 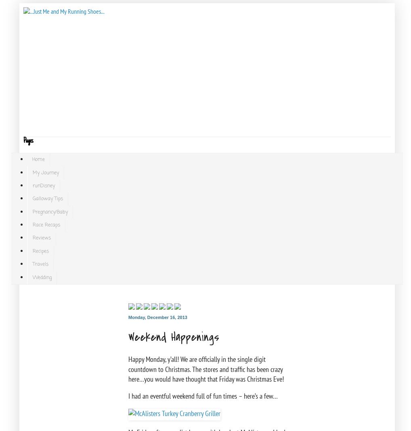 What do you see at coordinates (40, 264) in the screenshot?
I see `'Travels'` at bounding box center [40, 264].